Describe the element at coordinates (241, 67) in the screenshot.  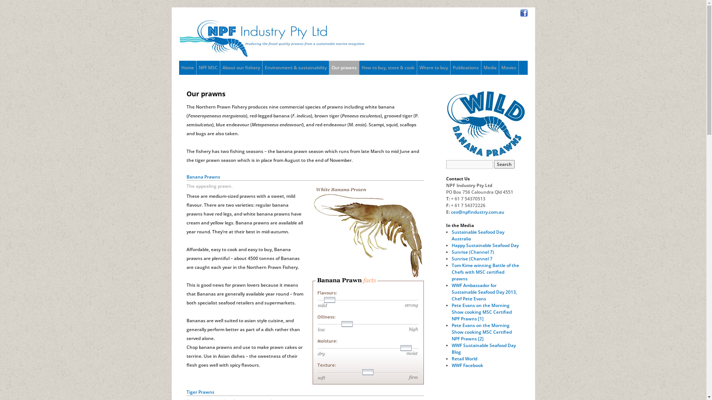
I see `'About our fishery'` at that location.